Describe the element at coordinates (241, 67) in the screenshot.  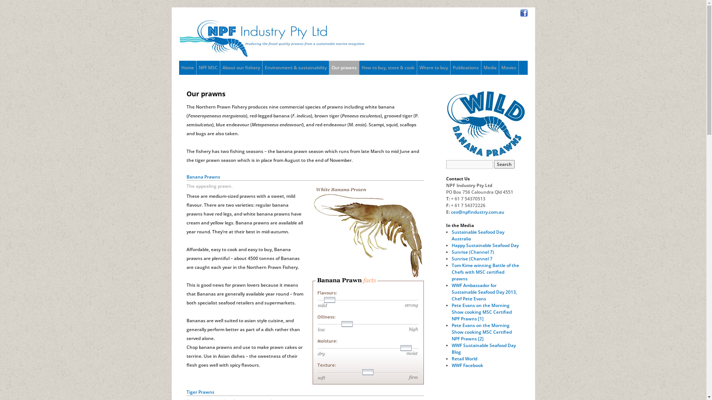
I see `'About our fishery'` at that location.